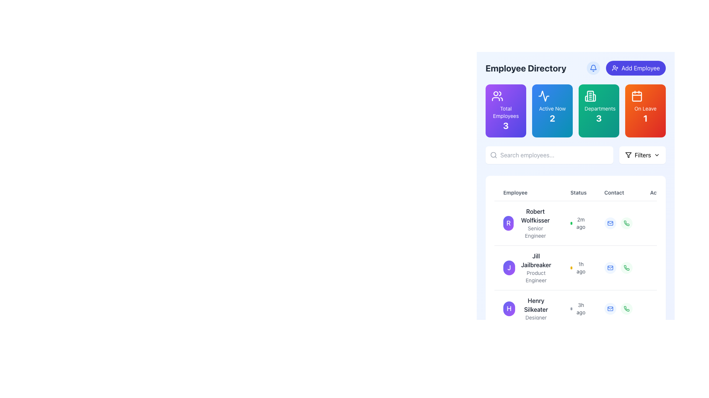 The image size is (709, 398). I want to click on the email button located in the 'Contact' column of the second row in the Employee Directory interface to compose an email, so click(610, 268).